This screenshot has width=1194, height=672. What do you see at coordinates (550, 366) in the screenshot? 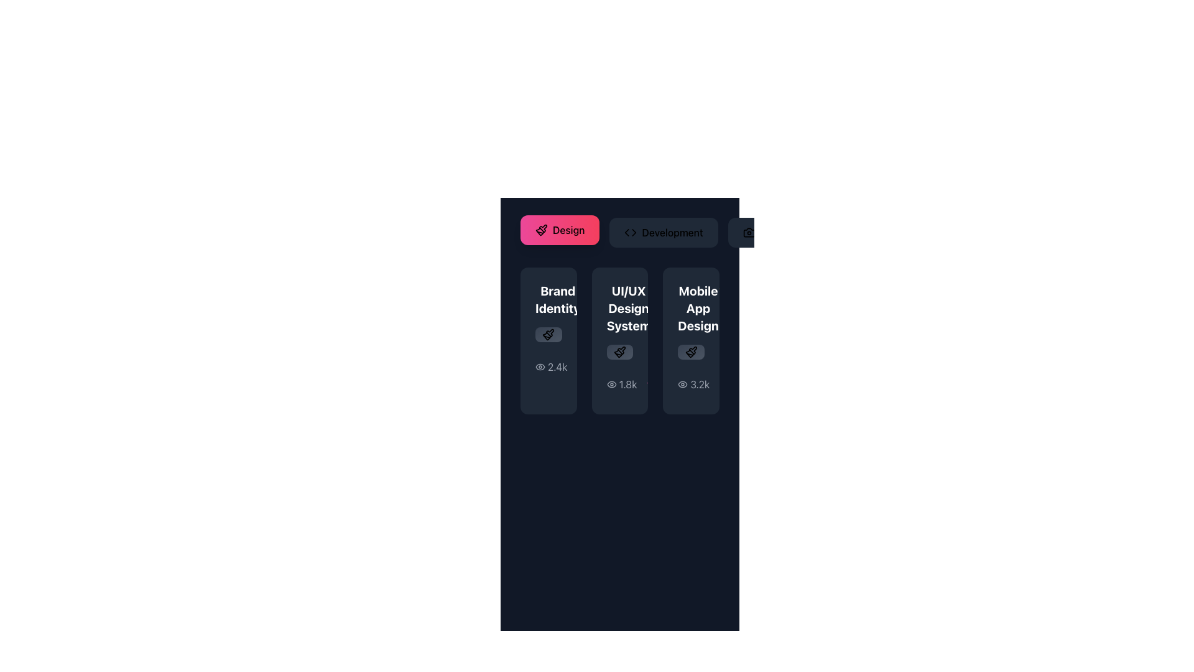
I see `the Text label displaying the number of views for the 'Brand Identity' item, located under the 'Design' section` at bounding box center [550, 366].